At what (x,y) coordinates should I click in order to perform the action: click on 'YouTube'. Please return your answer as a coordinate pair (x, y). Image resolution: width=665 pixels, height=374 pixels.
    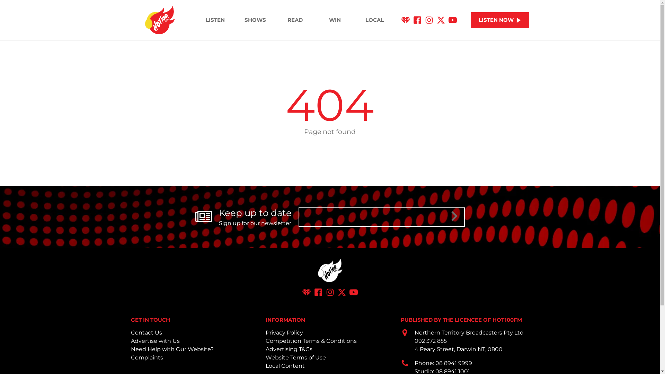
    Looking at the image, I should click on (353, 292).